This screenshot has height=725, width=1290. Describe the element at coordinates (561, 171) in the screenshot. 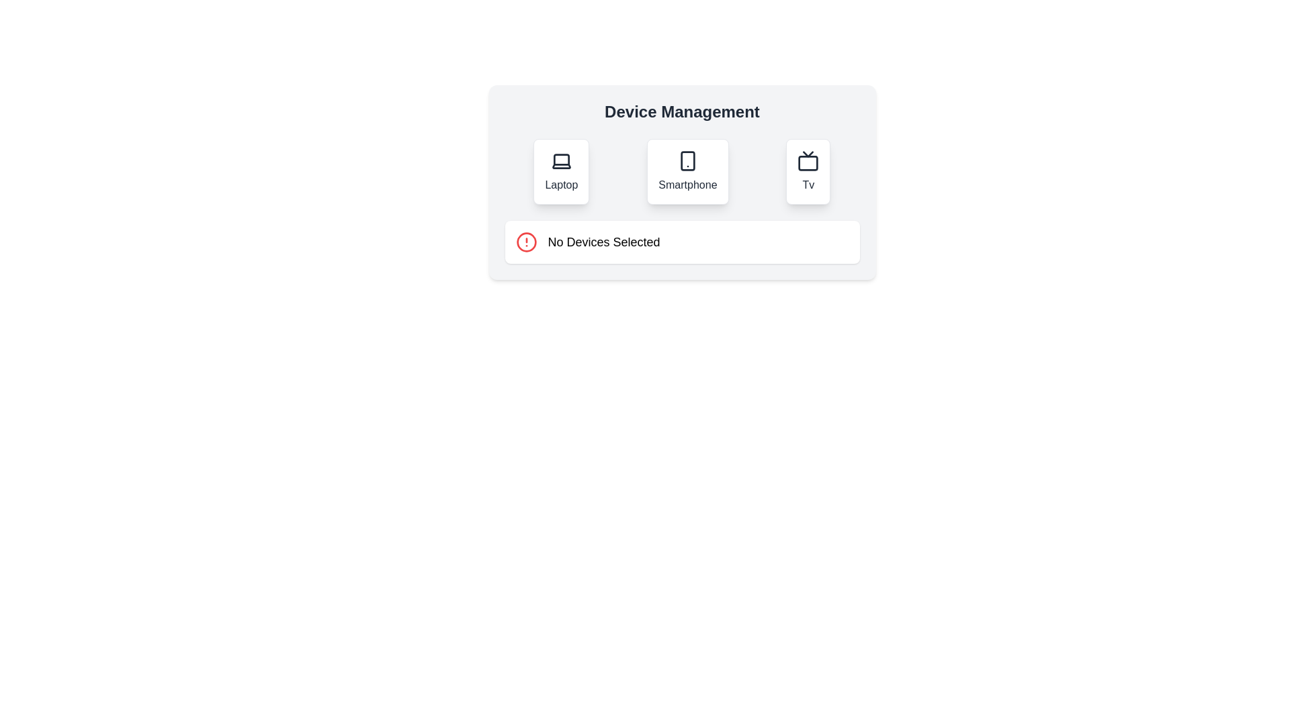

I see `the 'Laptop' interactive card in the 'Device Management' interface` at that location.